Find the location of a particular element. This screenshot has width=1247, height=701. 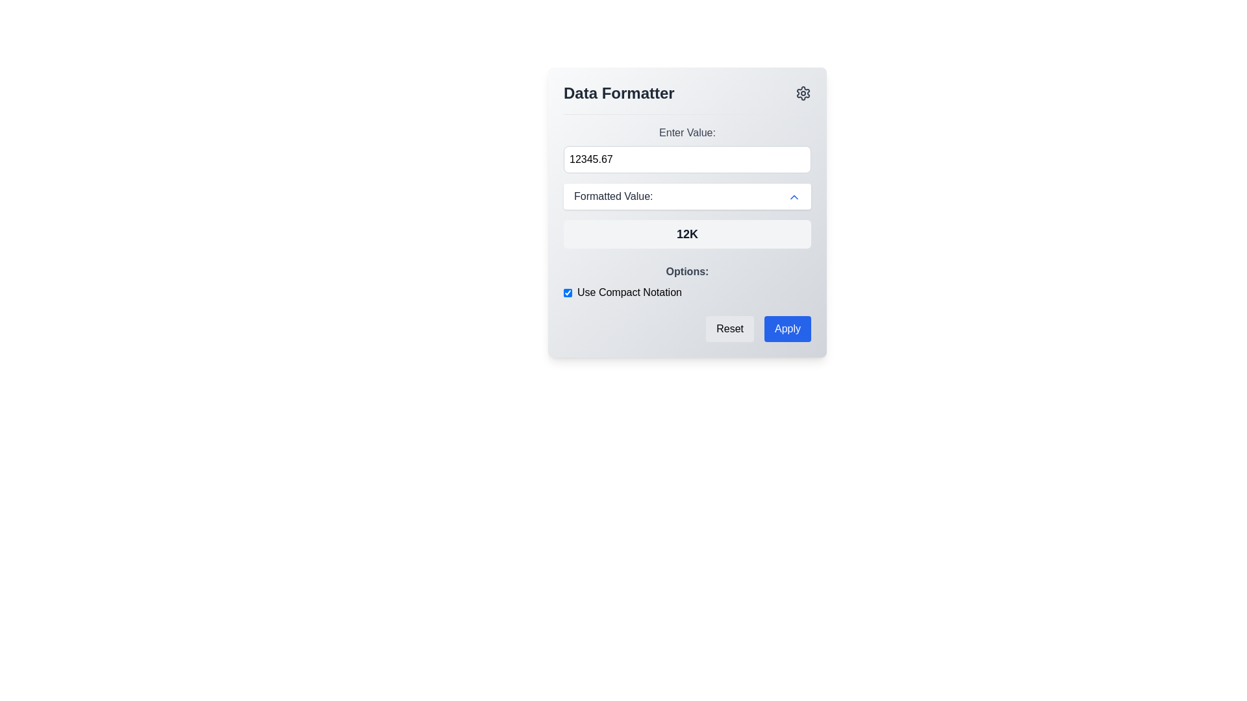

the text display component that shows '12K', styled with a large font size, dark gray text on a light gray background, located in the 'Data Formatter' dialog box below 'Formatted Value:' and above 'Options:' is located at coordinates (686, 234).